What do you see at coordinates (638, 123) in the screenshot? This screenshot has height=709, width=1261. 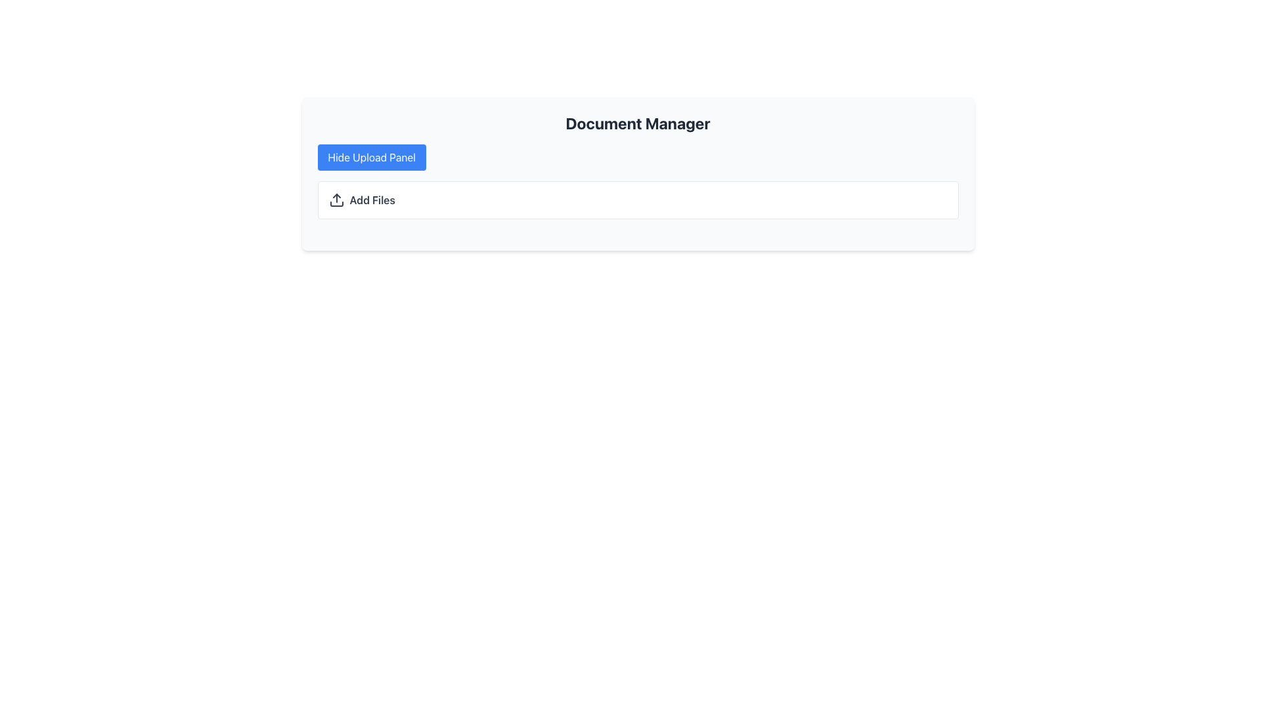 I see `the Text label that serves as a heading for the card-like structure, positioned at the top center above other elements` at bounding box center [638, 123].